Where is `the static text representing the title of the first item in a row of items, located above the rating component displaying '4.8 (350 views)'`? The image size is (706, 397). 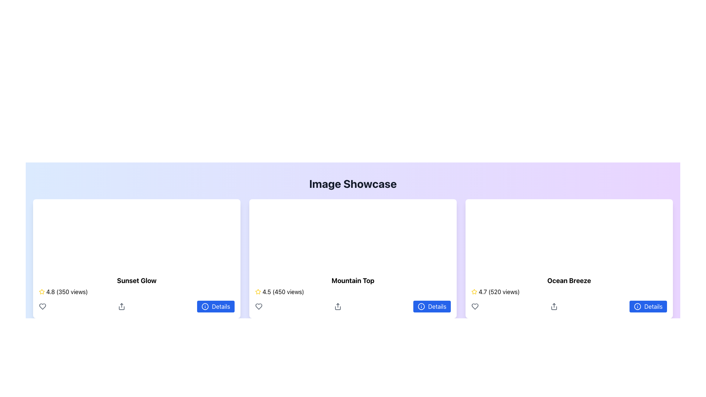
the static text representing the title of the first item in a row of items, located above the rating component displaying '4.8 (350 views)' is located at coordinates (137, 280).